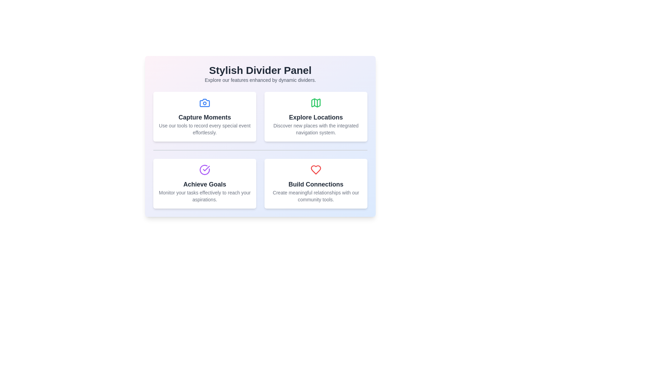  I want to click on the Informational Panel, which serves as an informational card located in the second row and first column of a grid layout, below 'Capture Moments' and to the left of 'Build Connections', so click(204, 183).